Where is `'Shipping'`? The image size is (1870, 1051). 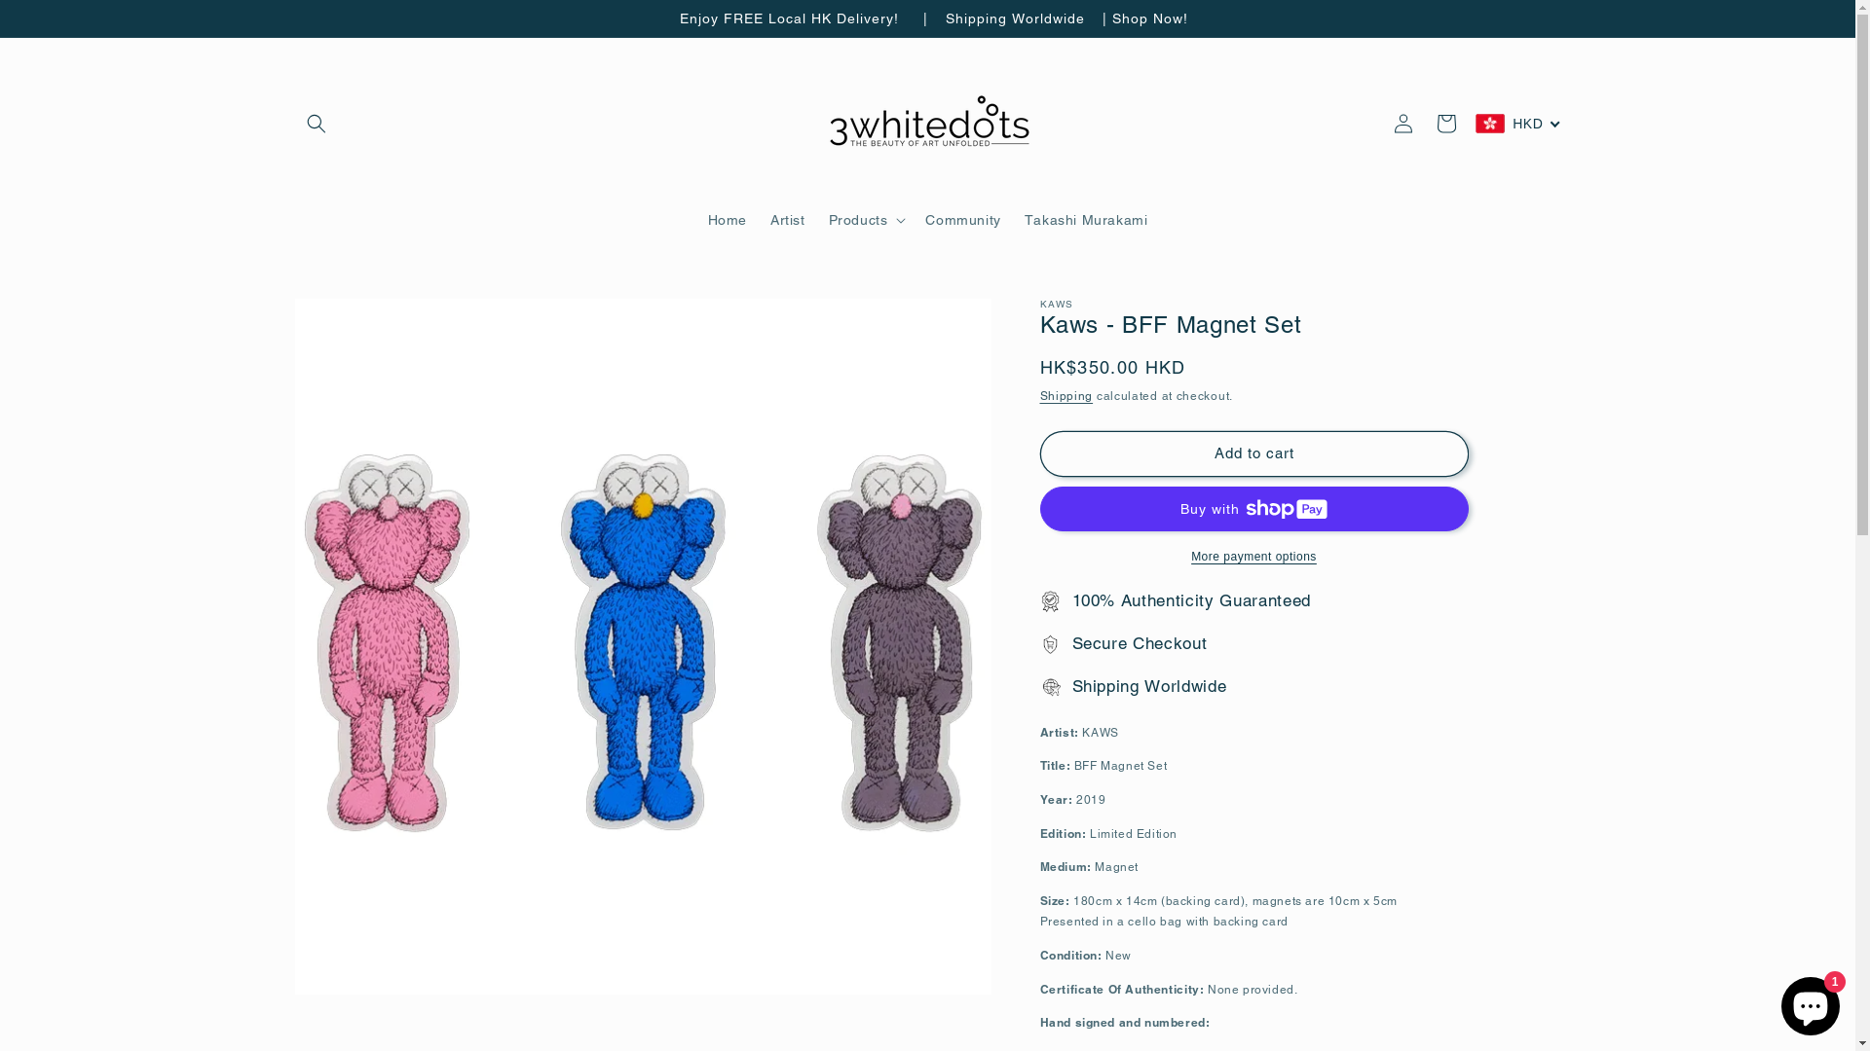
'Shipping' is located at coordinates (1066, 395).